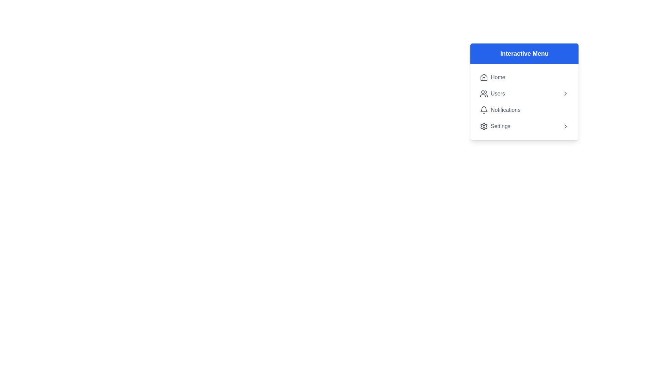 This screenshot has width=653, height=367. I want to click on the group icon representing multiple users, which is located to the left of the 'Users' label in the menu section, so click(483, 94).